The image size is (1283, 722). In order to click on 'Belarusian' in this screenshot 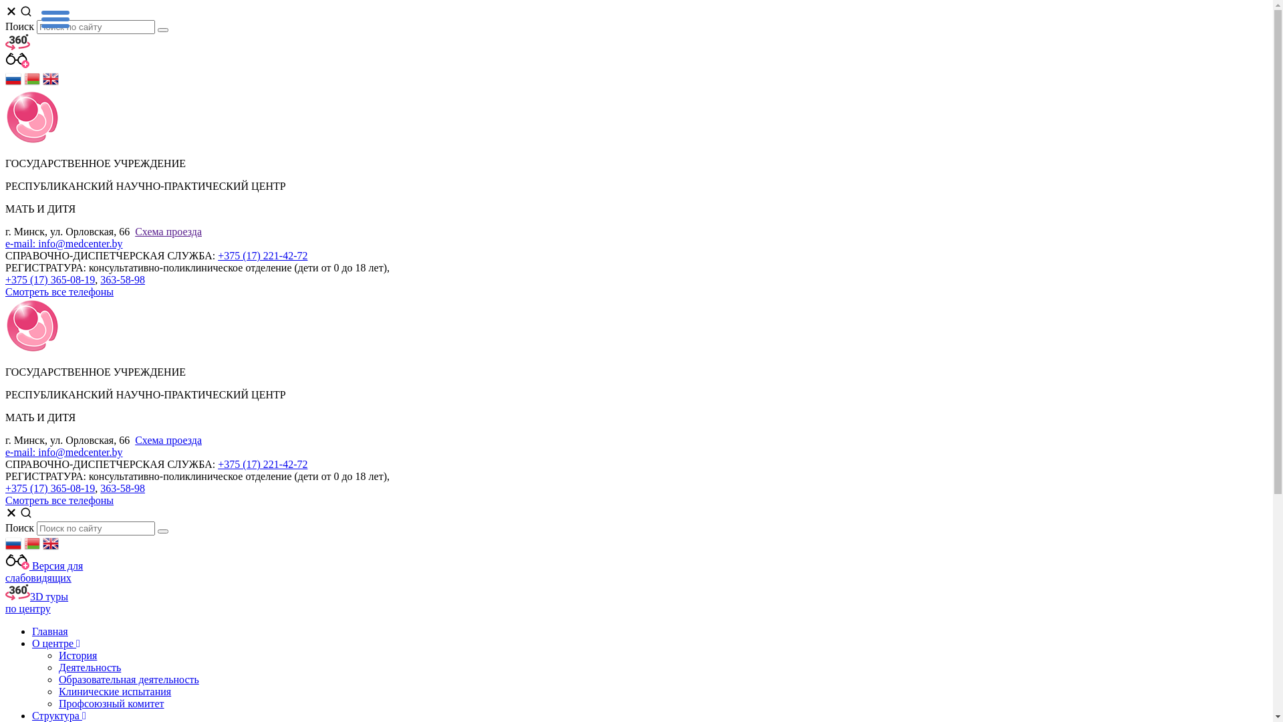, I will do `click(32, 83)`.